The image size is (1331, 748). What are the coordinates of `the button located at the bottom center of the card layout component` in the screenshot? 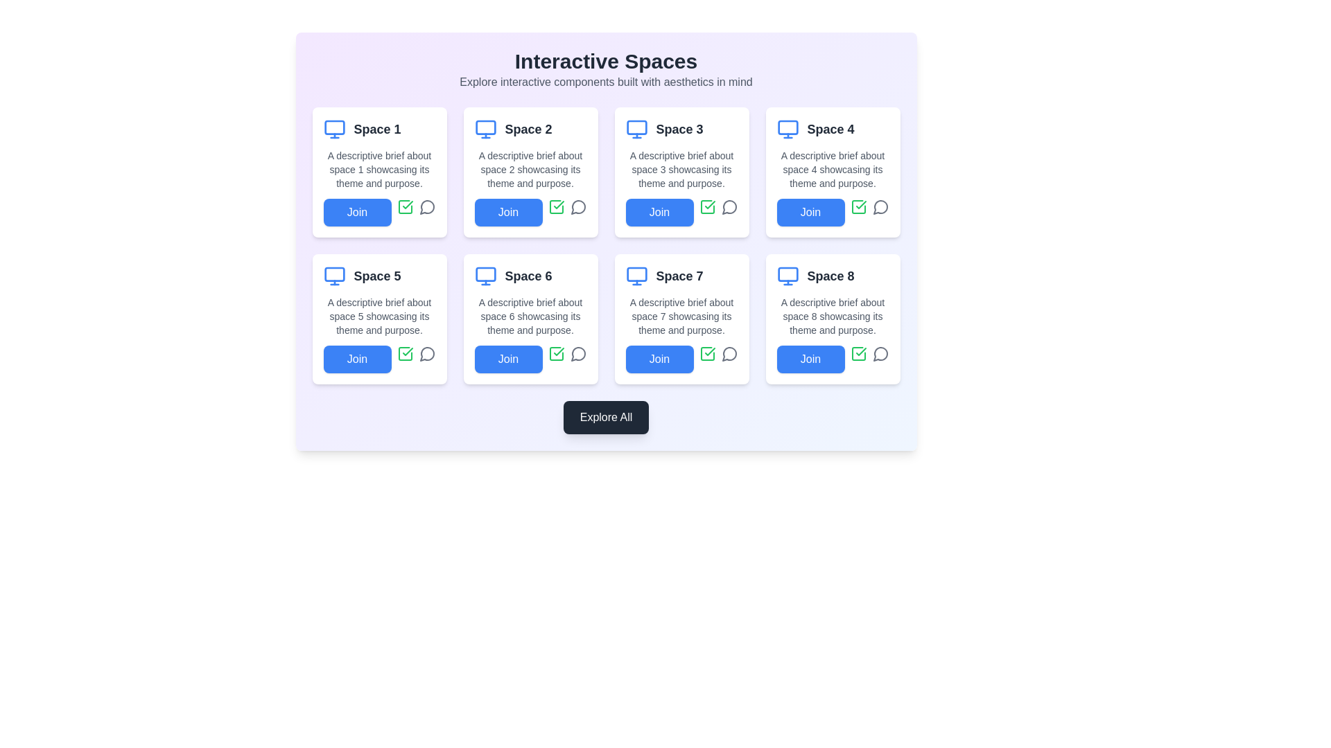 It's located at (606, 416).